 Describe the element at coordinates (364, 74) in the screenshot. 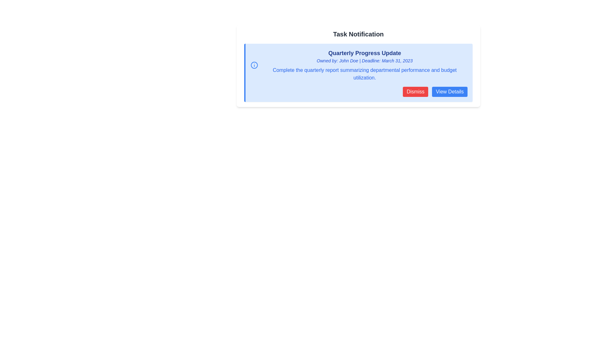

I see `the text label that provides task instructions, located beneath the subtitle 'Owned by: John Doe | Deadline: March 31, 2023' and above the buttons 'Dismiss' and 'View Details'` at that location.